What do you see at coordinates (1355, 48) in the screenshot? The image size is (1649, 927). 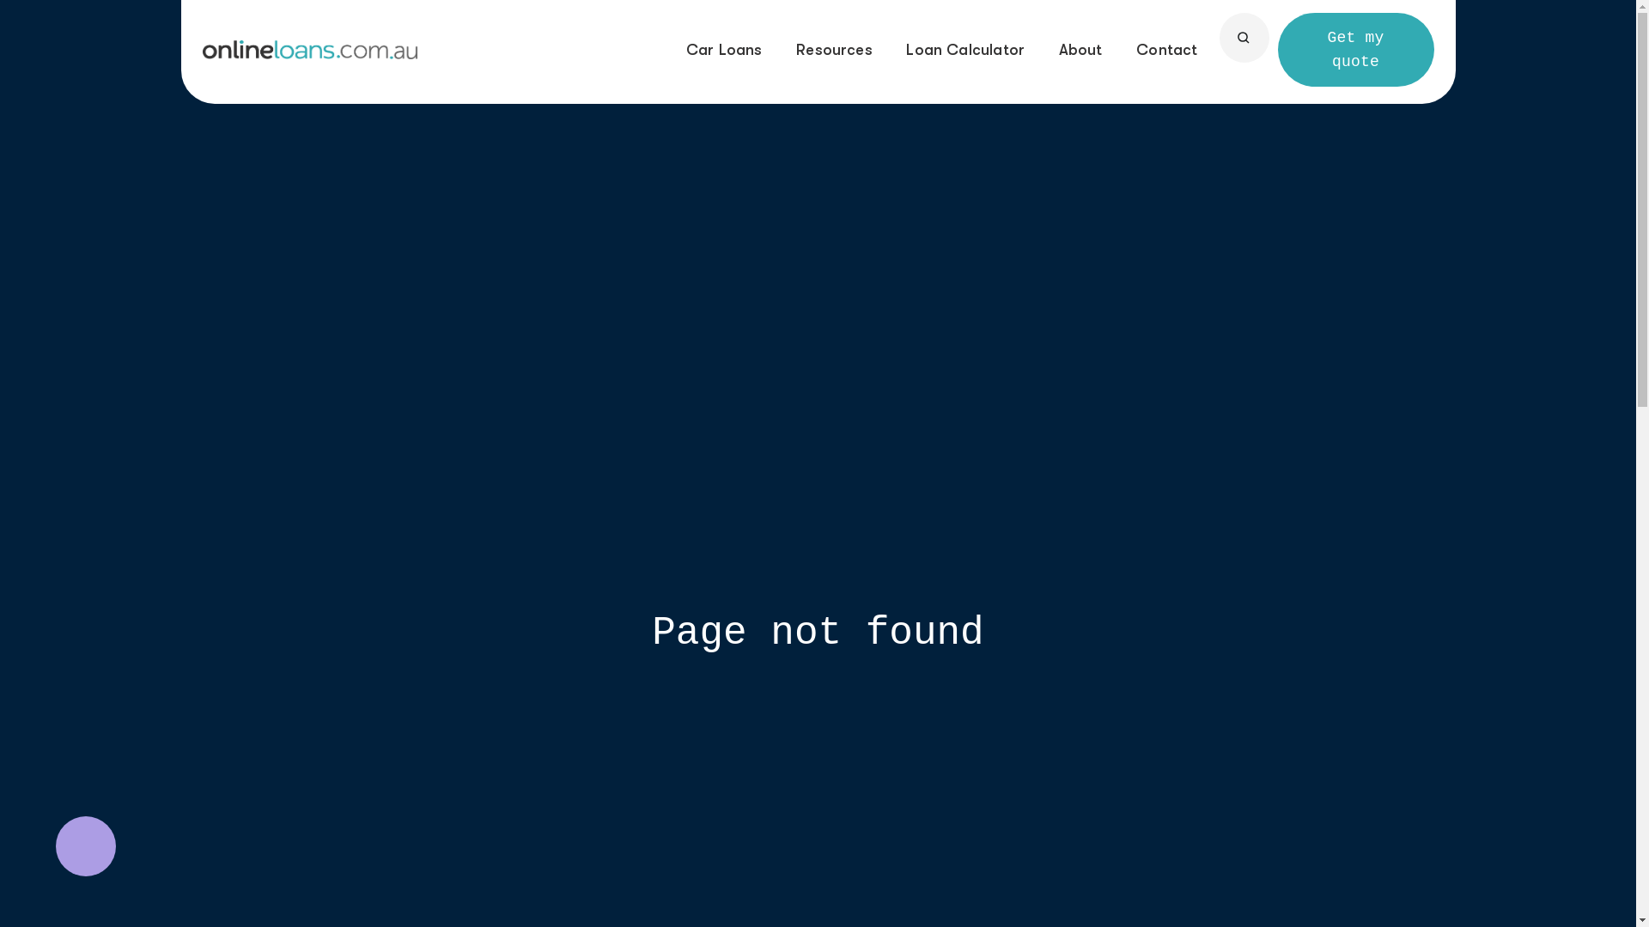 I see `'Get my quote'` at bounding box center [1355, 48].